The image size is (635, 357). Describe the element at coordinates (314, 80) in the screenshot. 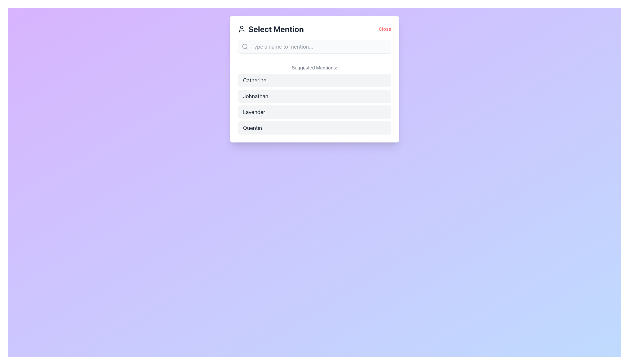

I see `the first item in the dropdown labeled 'Select Mention'` at that location.